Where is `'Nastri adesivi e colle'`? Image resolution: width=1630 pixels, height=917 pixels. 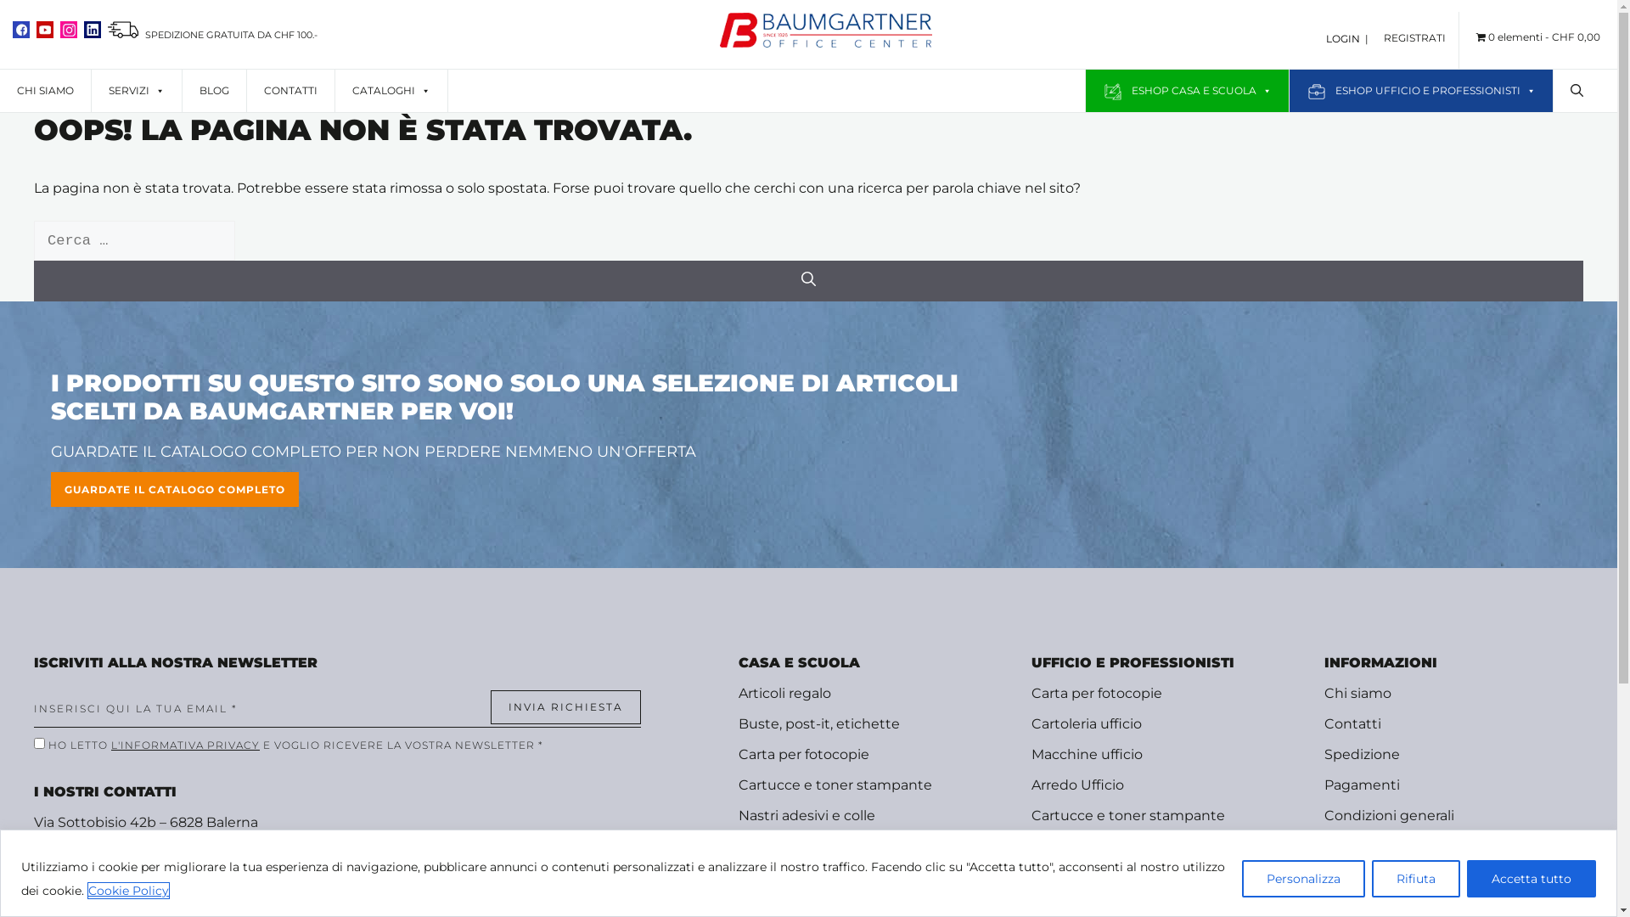 'Nastri adesivi e colle' is located at coordinates (806, 814).